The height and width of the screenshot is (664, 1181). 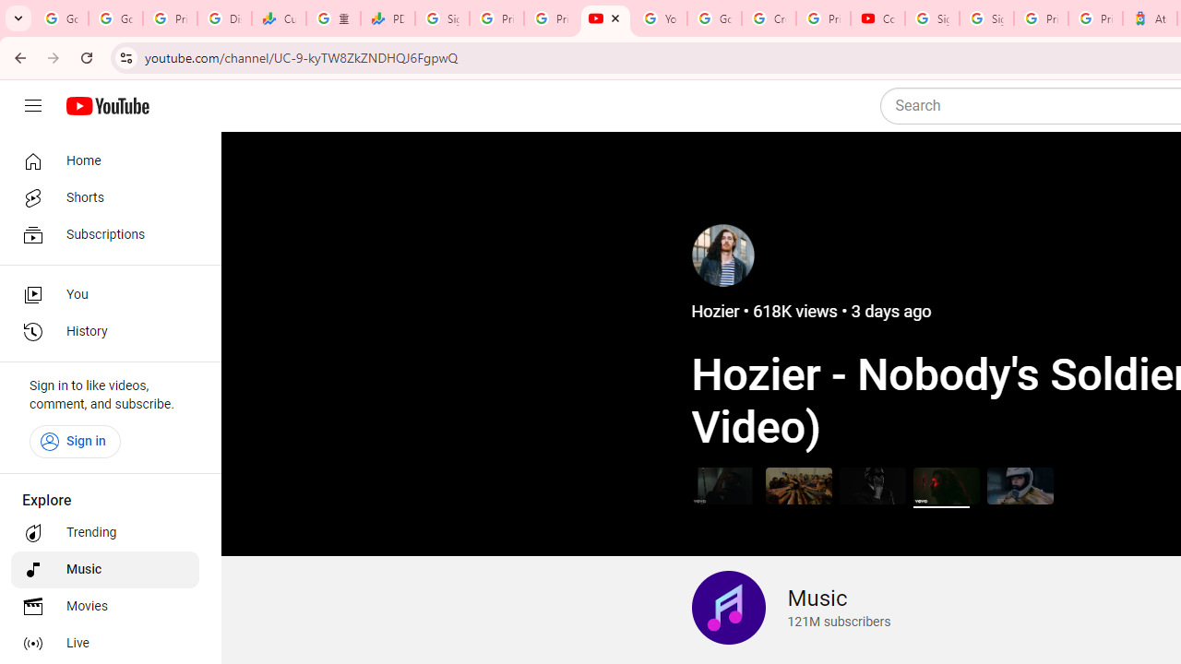 I want to click on 'Google Workspace Admin Community', so click(x=61, y=18).